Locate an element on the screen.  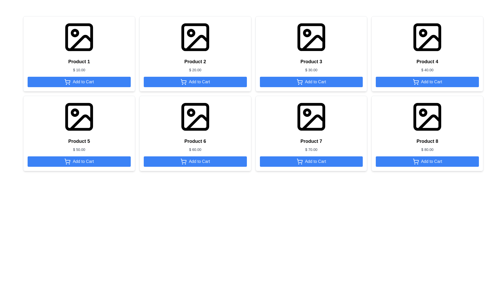
the small rounded rectangle located is located at coordinates (195, 37).